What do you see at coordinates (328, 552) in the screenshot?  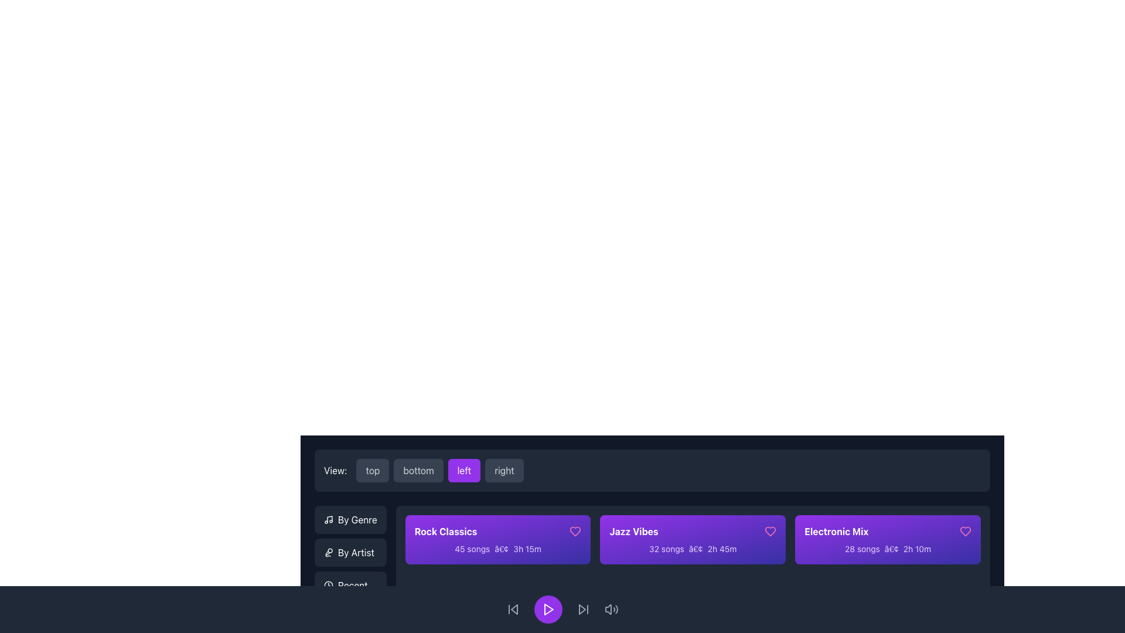 I see `the vocal microphone SVG icon in the navigation menu, which is located to the left of the 'By Artist' text` at bounding box center [328, 552].